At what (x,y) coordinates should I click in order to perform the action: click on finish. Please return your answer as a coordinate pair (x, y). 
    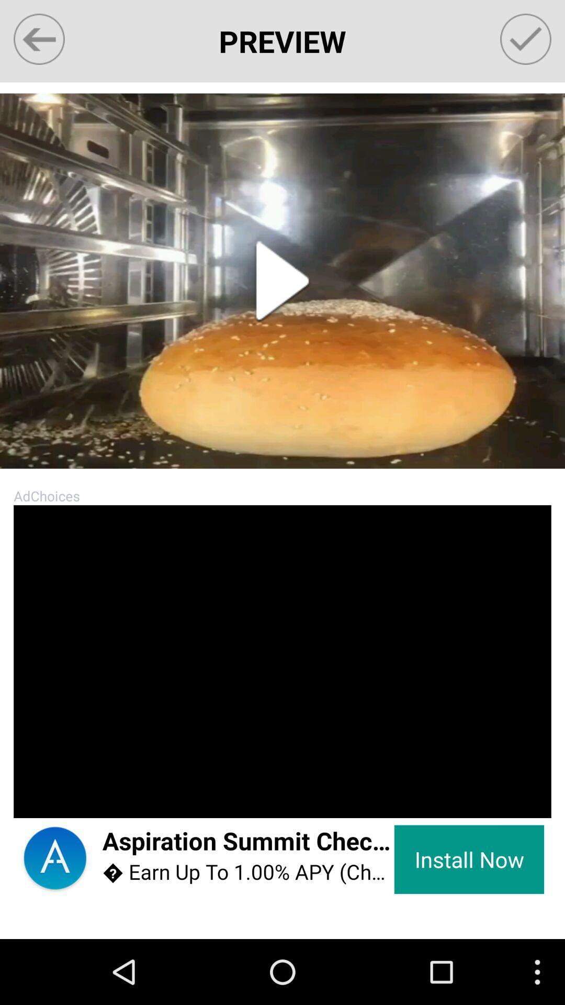
    Looking at the image, I should click on (526, 39).